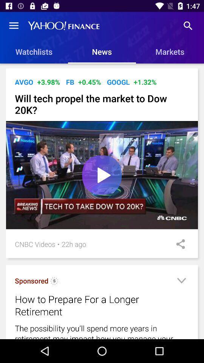  Describe the element at coordinates (54, 281) in the screenshot. I see `sponsors` at that location.